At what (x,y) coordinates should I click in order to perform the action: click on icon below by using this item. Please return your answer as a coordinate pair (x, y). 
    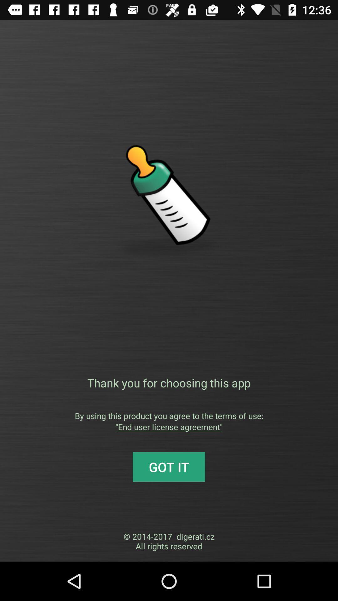
    Looking at the image, I should click on (169, 426).